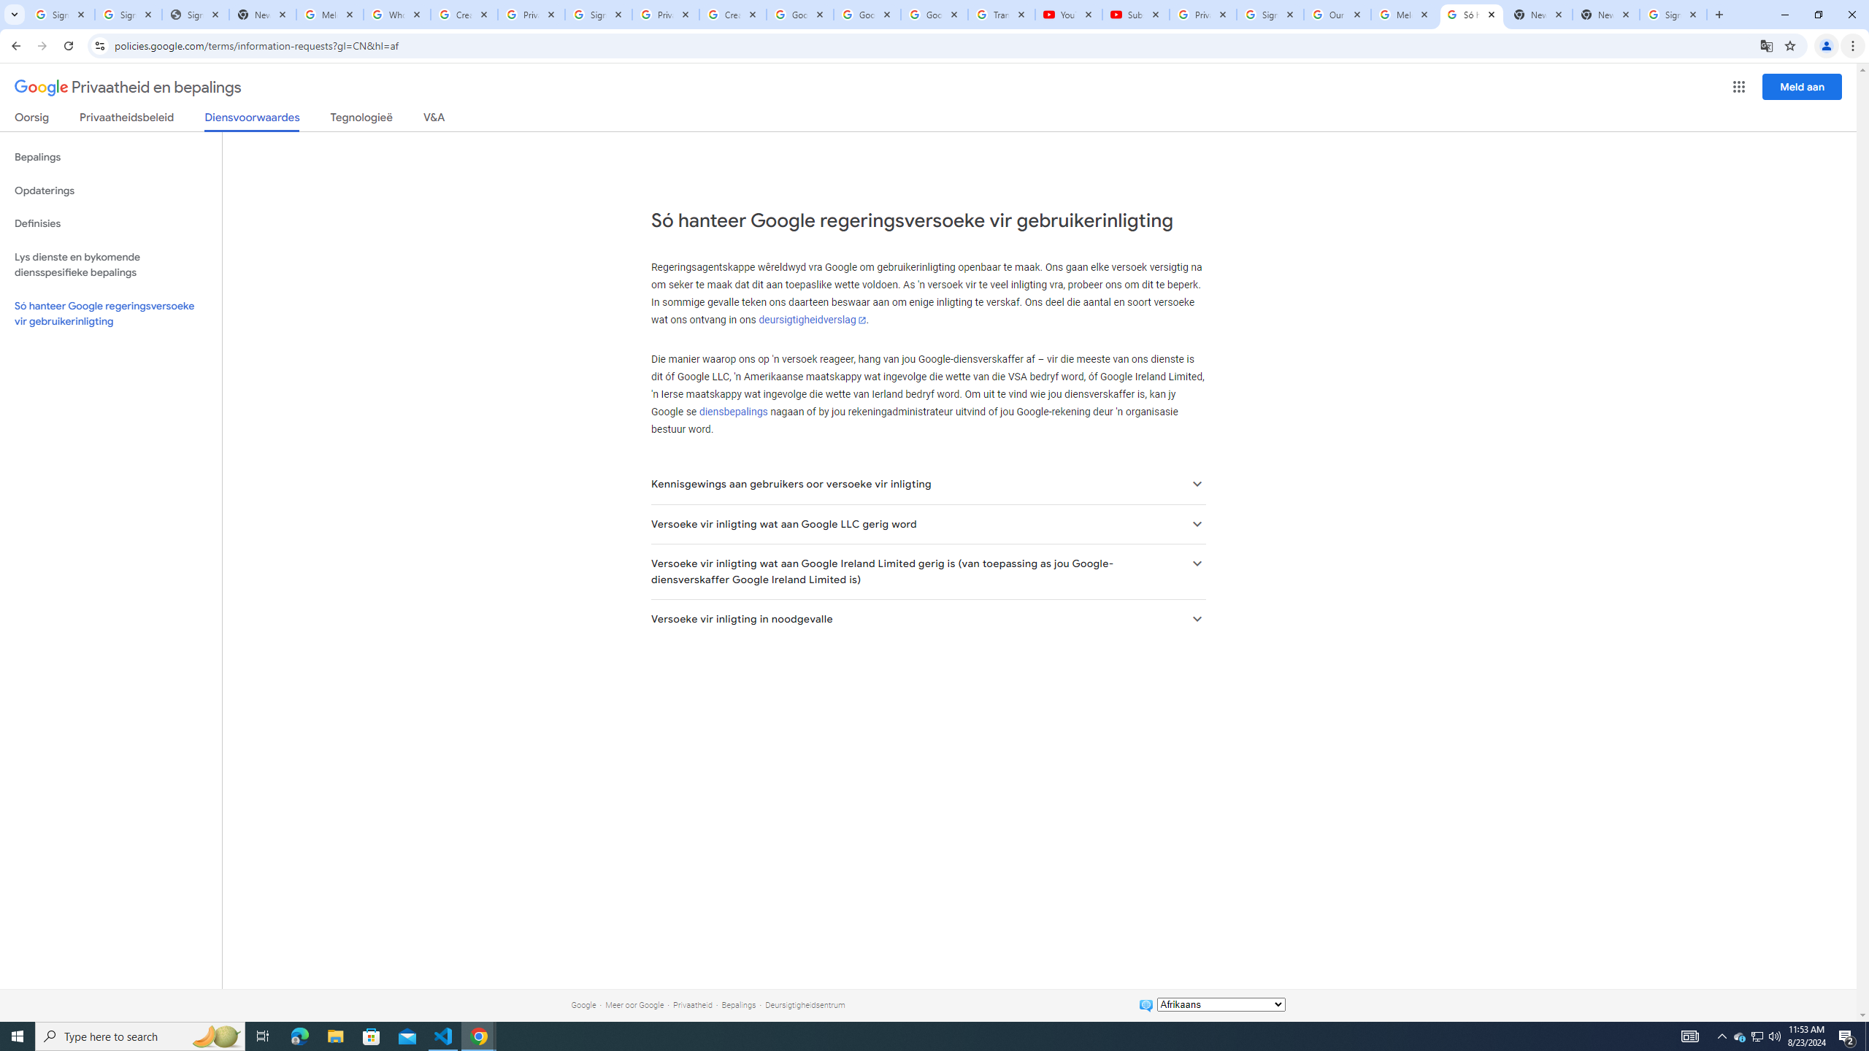 The height and width of the screenshot is (1051, 1869). Describe the element at coordinates (812, 320) in the screenshot. I see `'deursigtigheidverslag'` at that location.